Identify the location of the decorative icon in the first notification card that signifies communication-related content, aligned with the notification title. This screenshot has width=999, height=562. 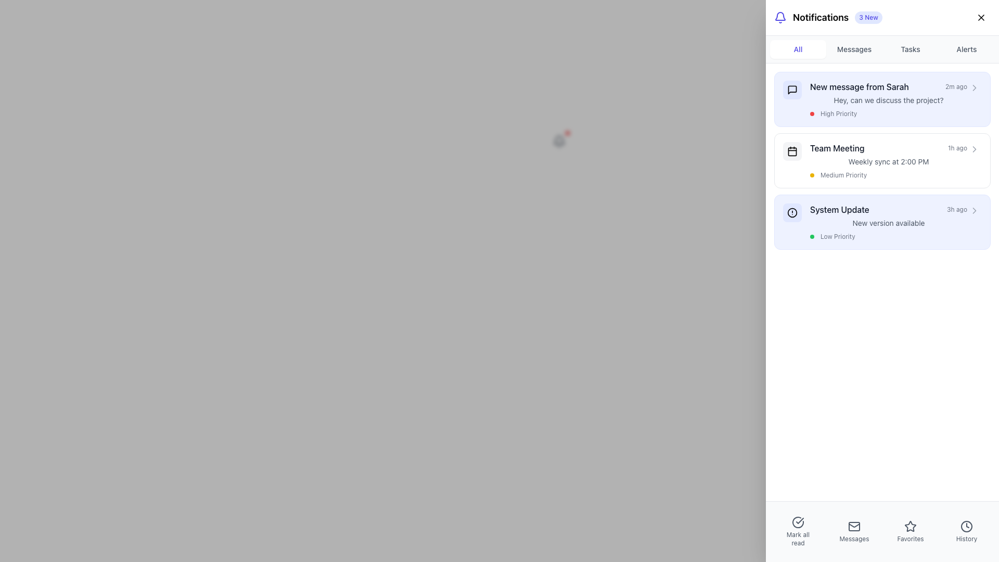
(791, 90).